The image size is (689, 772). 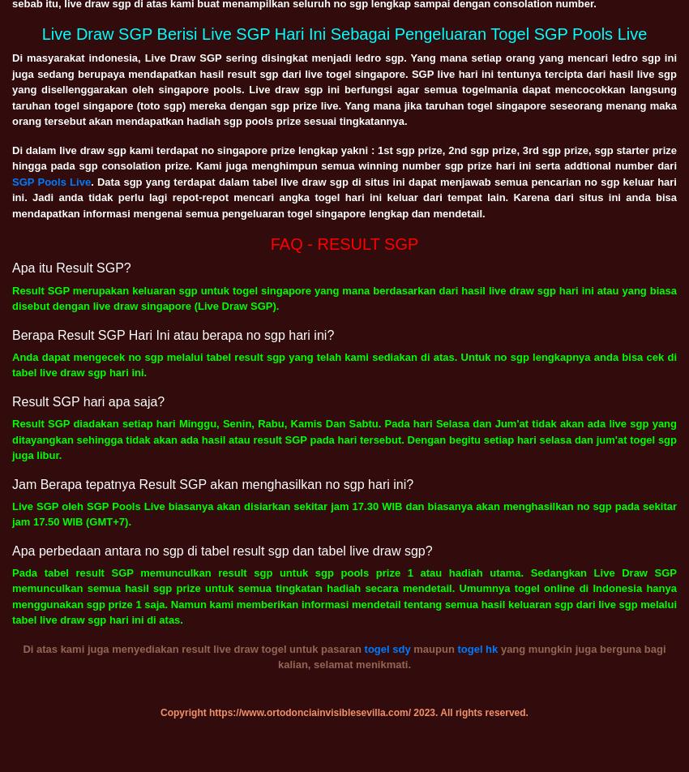 What do you see at coordinates (212, 483) in the screenshot?
I see `'Jam Berapa tepatnya Result SGP akan menghasilkan no sgp hari ini?'` at bounding box center [212, 483].